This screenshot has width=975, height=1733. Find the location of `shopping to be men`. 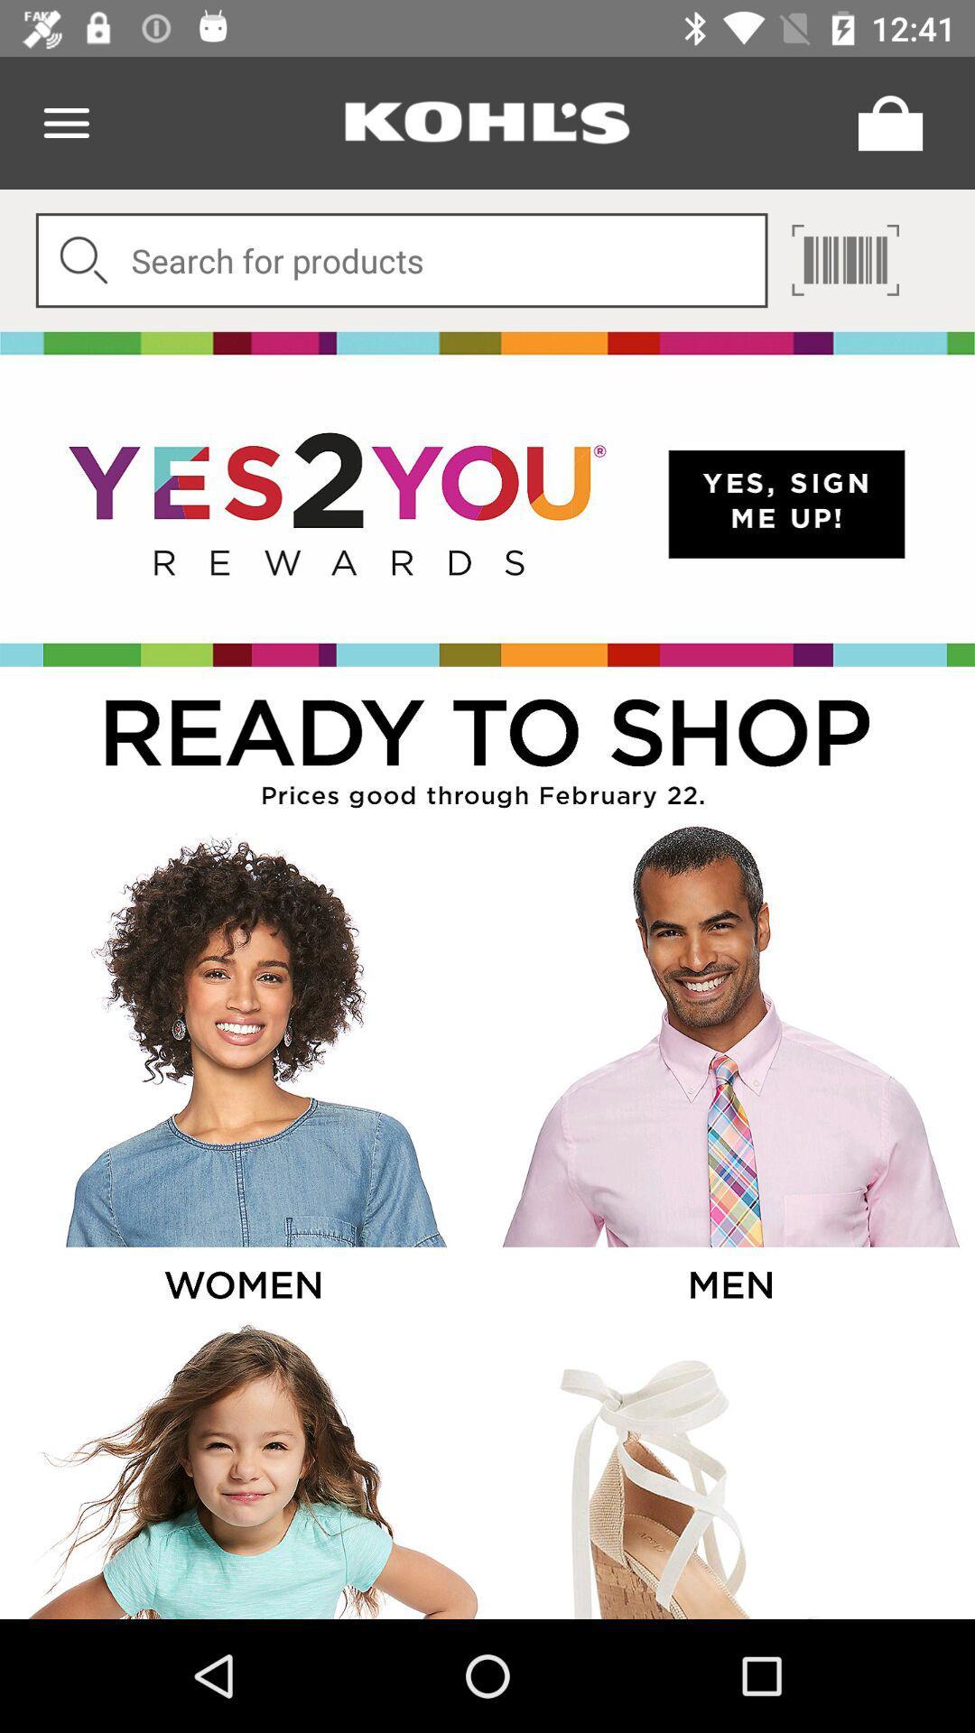

shopping to be men is located at coordinates (729, 1070).